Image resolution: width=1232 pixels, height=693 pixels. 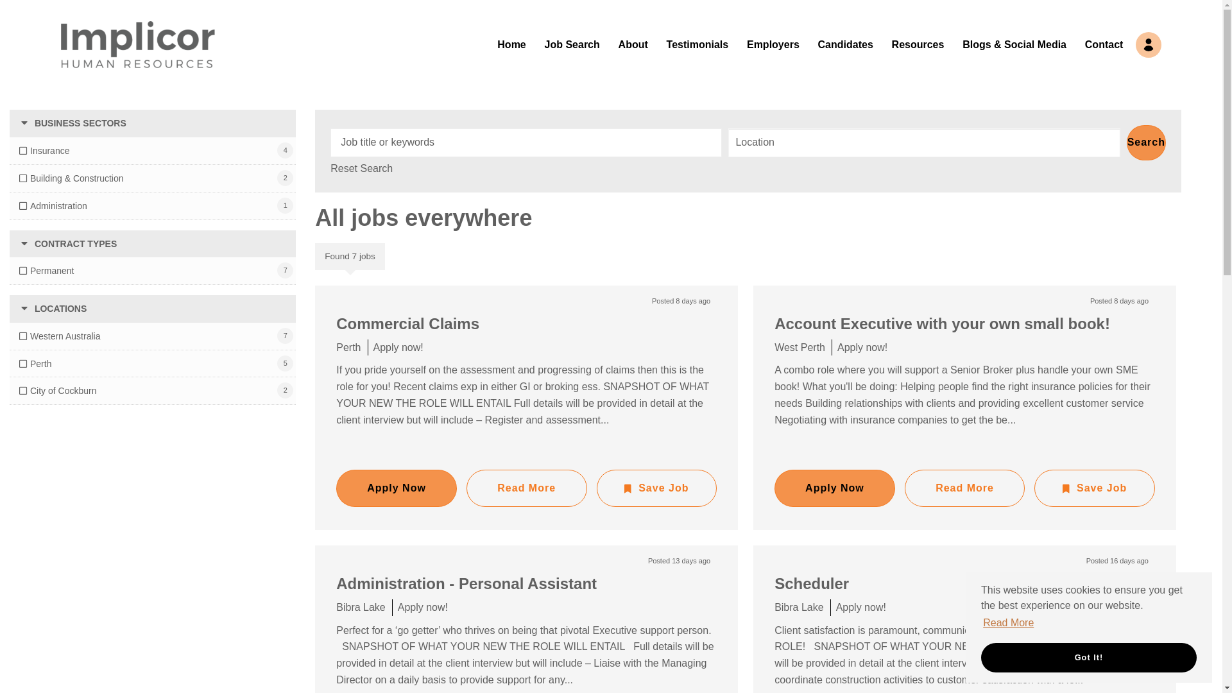 What do you see at coordinates (1084, 44) in the screenshot?
I see `'Contact'` at bounding box center [1084, 44].